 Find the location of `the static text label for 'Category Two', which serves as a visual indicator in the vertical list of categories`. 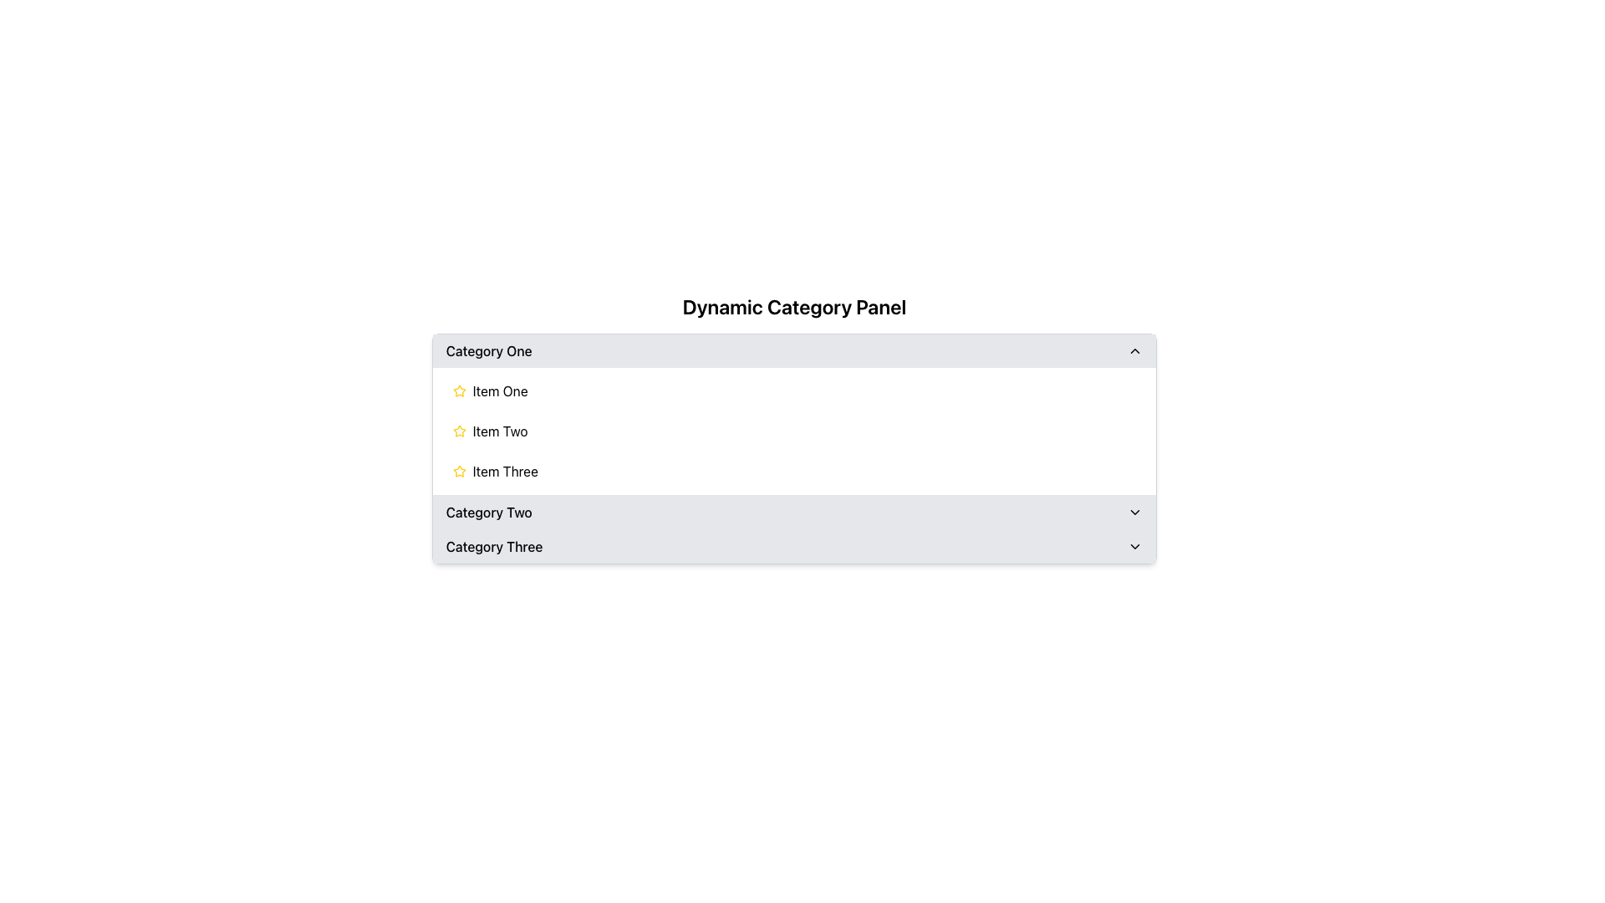

the static text label for 'Category Two', which serves as a visual indicator in the vertical list of categories is located at coordinates (488, 512).